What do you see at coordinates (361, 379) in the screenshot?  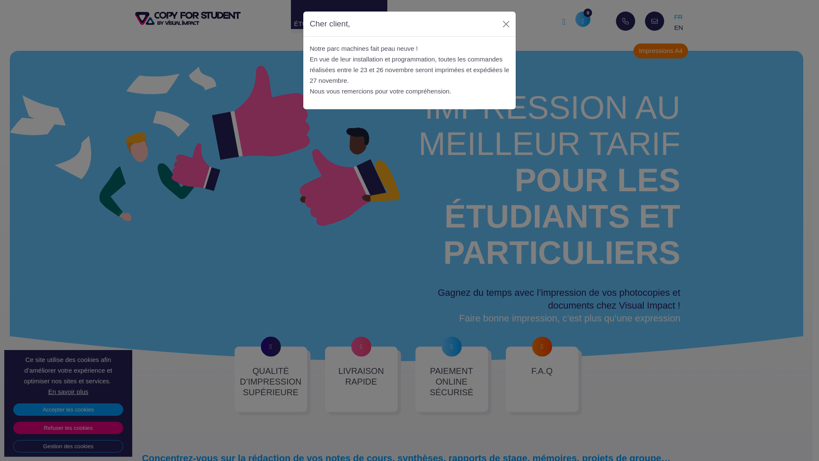 I see `'LIVRAISON RAPIDE'` at bounding box center [361, 379].